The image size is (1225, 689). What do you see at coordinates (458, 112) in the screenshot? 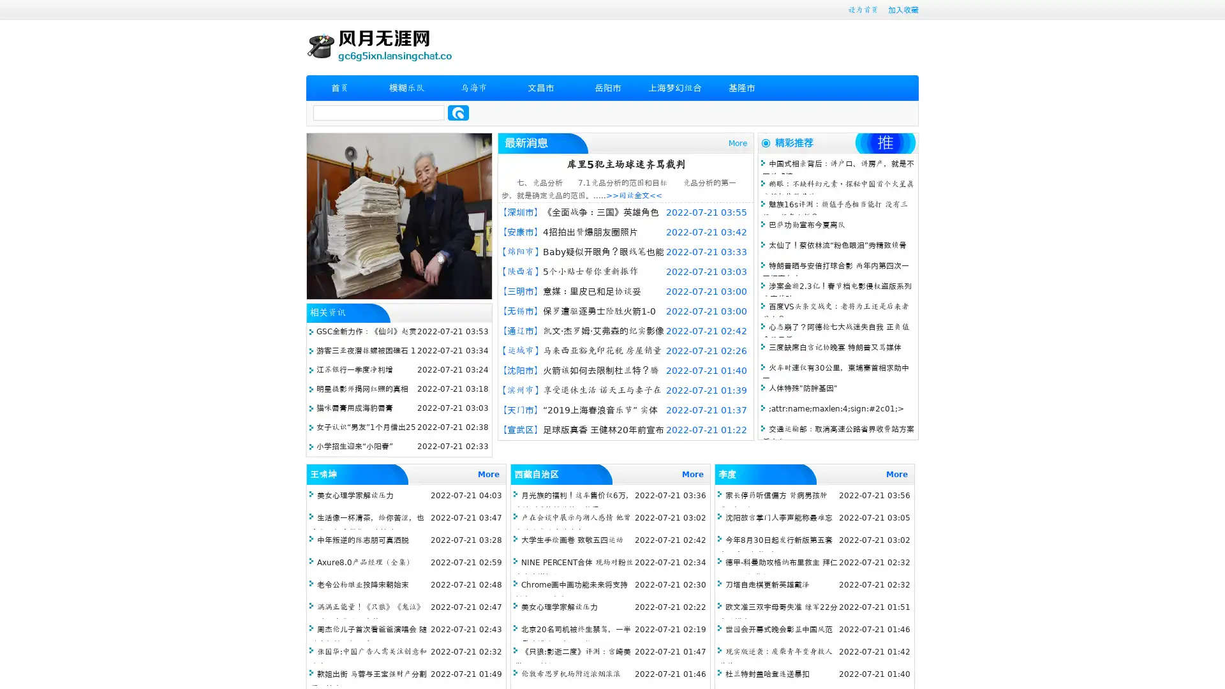
I see `Search` at bounding box center [458, 112].